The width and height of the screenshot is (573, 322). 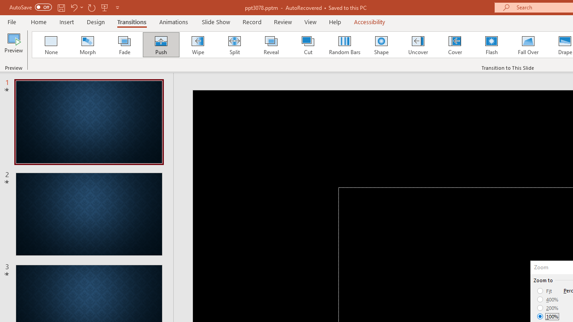 I want to click on 'Cover', so click(x=455, y=45).